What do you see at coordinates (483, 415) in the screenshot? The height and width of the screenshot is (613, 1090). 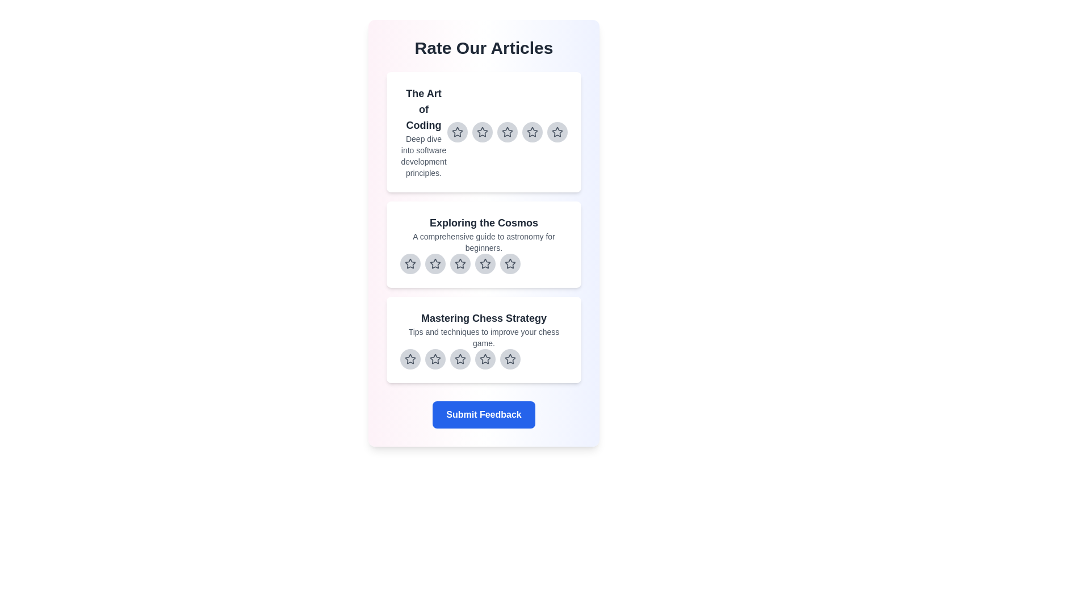 I see `the 'Submit Feedback' button to submit the feedback` at bounding box center [483, 415].